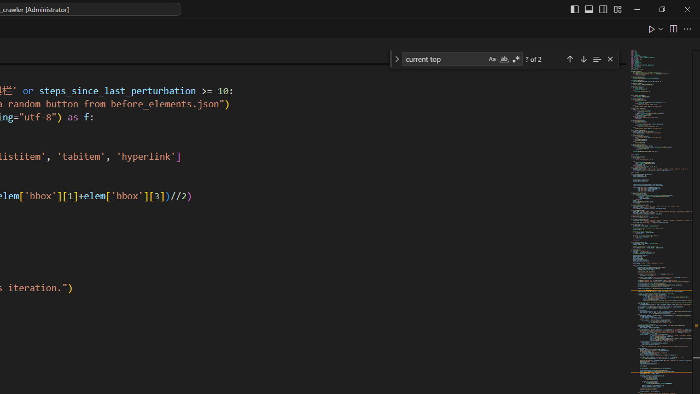 This screenshot has height=394, width=700. I want to click on 'Next Match (Enter)', so click(582, 59).